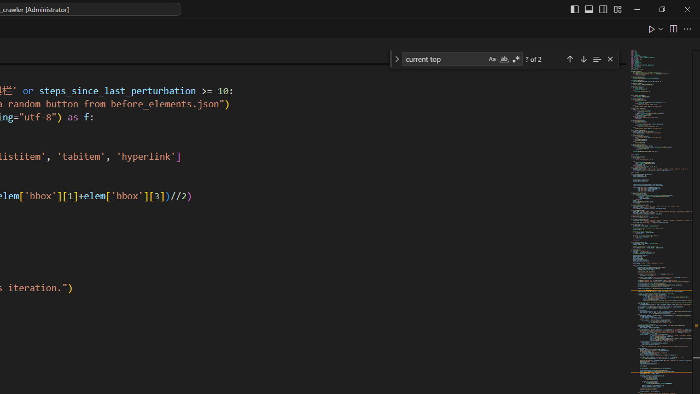 This screenshot has height=394, width=700. I want to click on 'Next Match (Enter)', so click(582, 59).